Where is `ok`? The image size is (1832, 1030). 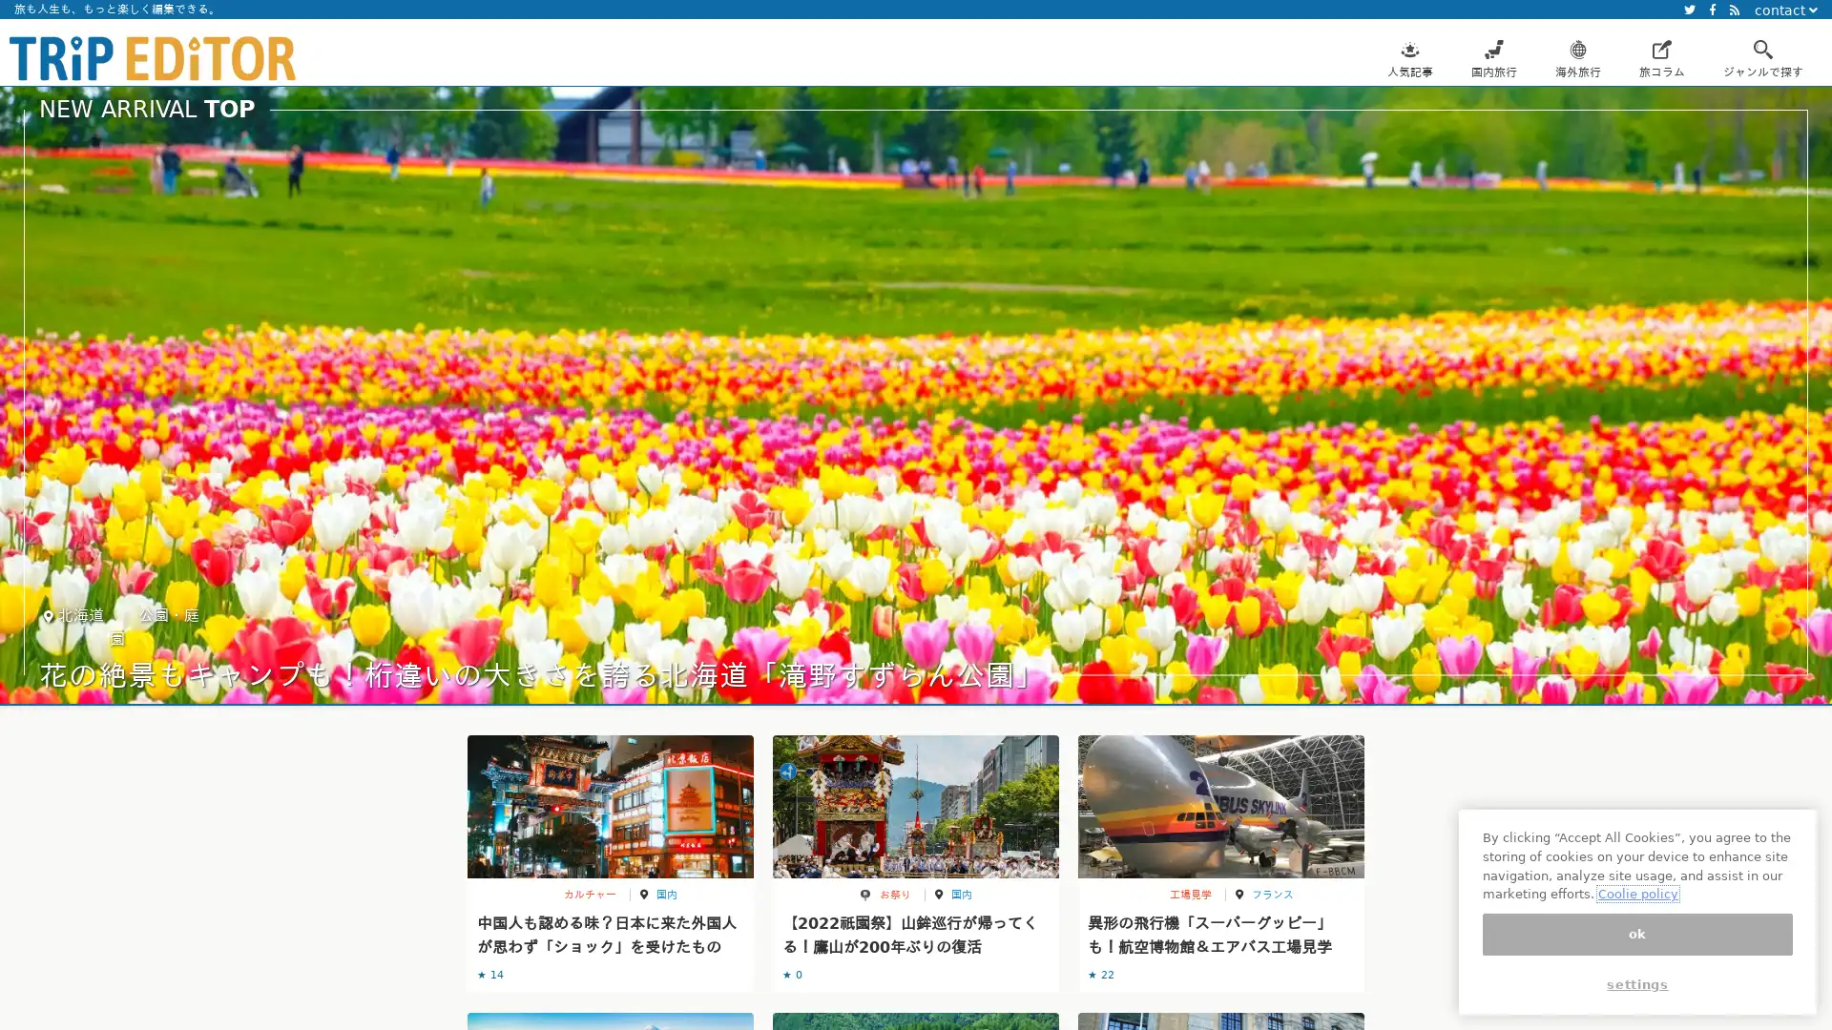
ok is located at coordinates (1636, 933).